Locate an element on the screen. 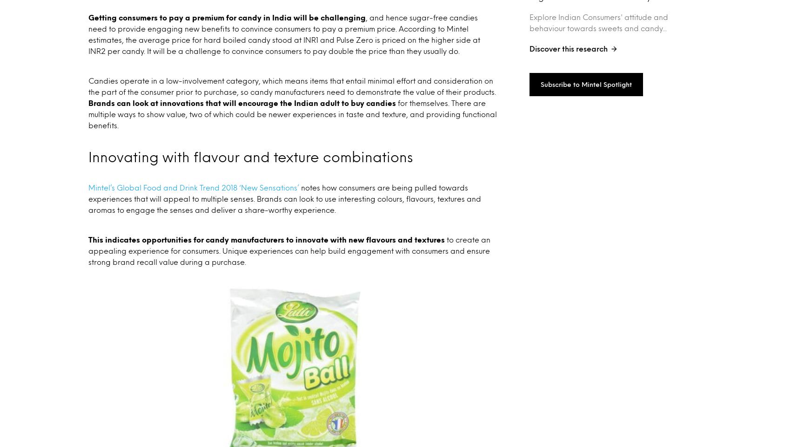  'Purchase Intelligence' is located at coordinates (320, 413).